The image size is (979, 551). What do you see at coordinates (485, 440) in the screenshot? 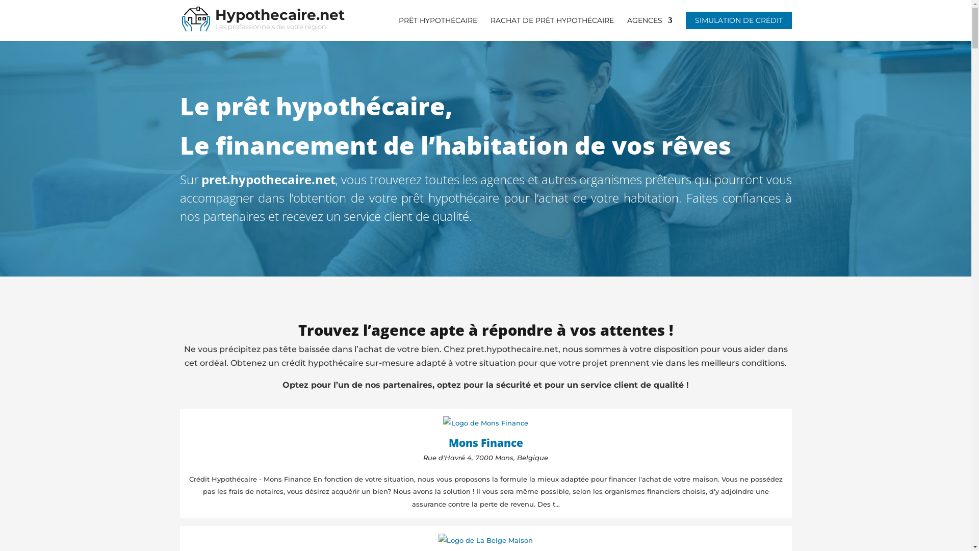
I see `'Mons Finance'` at bounding box center [485, 440].